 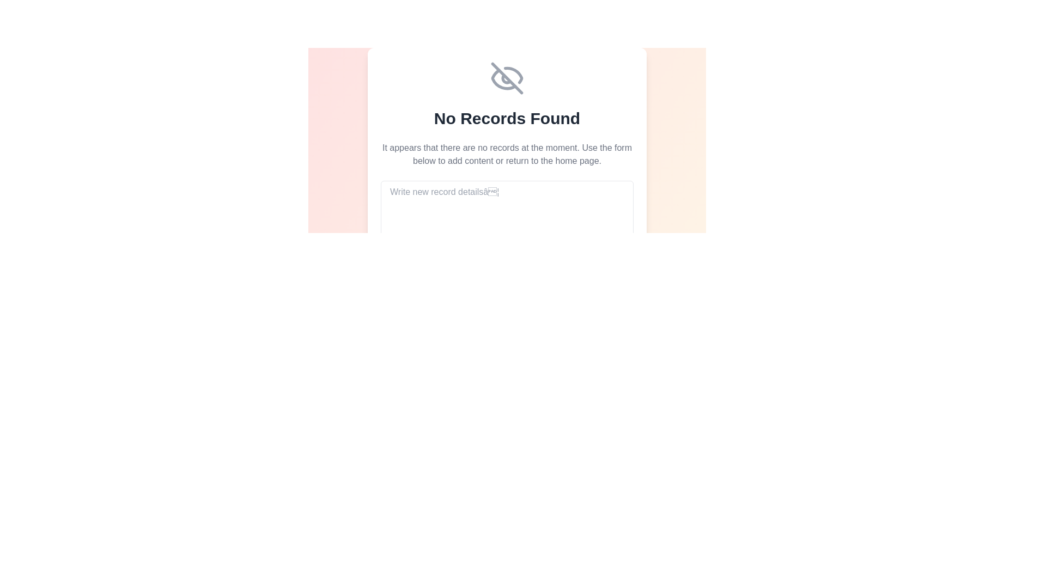 What do you see at coordinates (507, 119) in the screenshot?
I see `the informational text label that indicates there are no records currently available, which is positioned below an eye-slash icon and above a description text block` at bounding box center [507, 119].